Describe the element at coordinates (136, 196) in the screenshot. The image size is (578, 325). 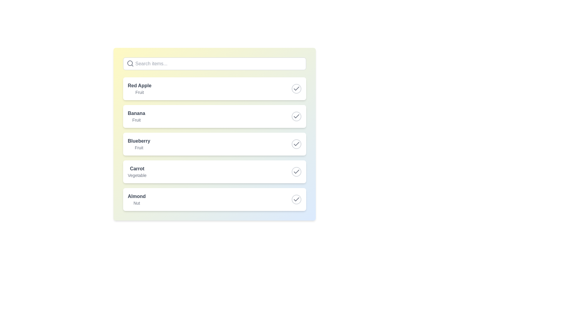
I see `the Text Label displaying the bold text 'Almond' in dark gray, which is the title of the last visible list item above the text 'Nut'` at that location.